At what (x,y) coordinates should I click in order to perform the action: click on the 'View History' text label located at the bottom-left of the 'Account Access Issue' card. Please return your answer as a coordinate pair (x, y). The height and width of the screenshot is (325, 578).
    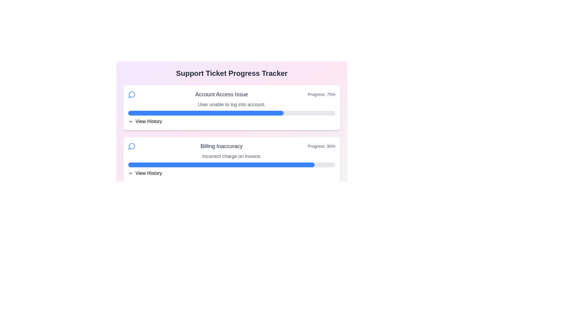
    Looking at the image, I should click on (149, 122).